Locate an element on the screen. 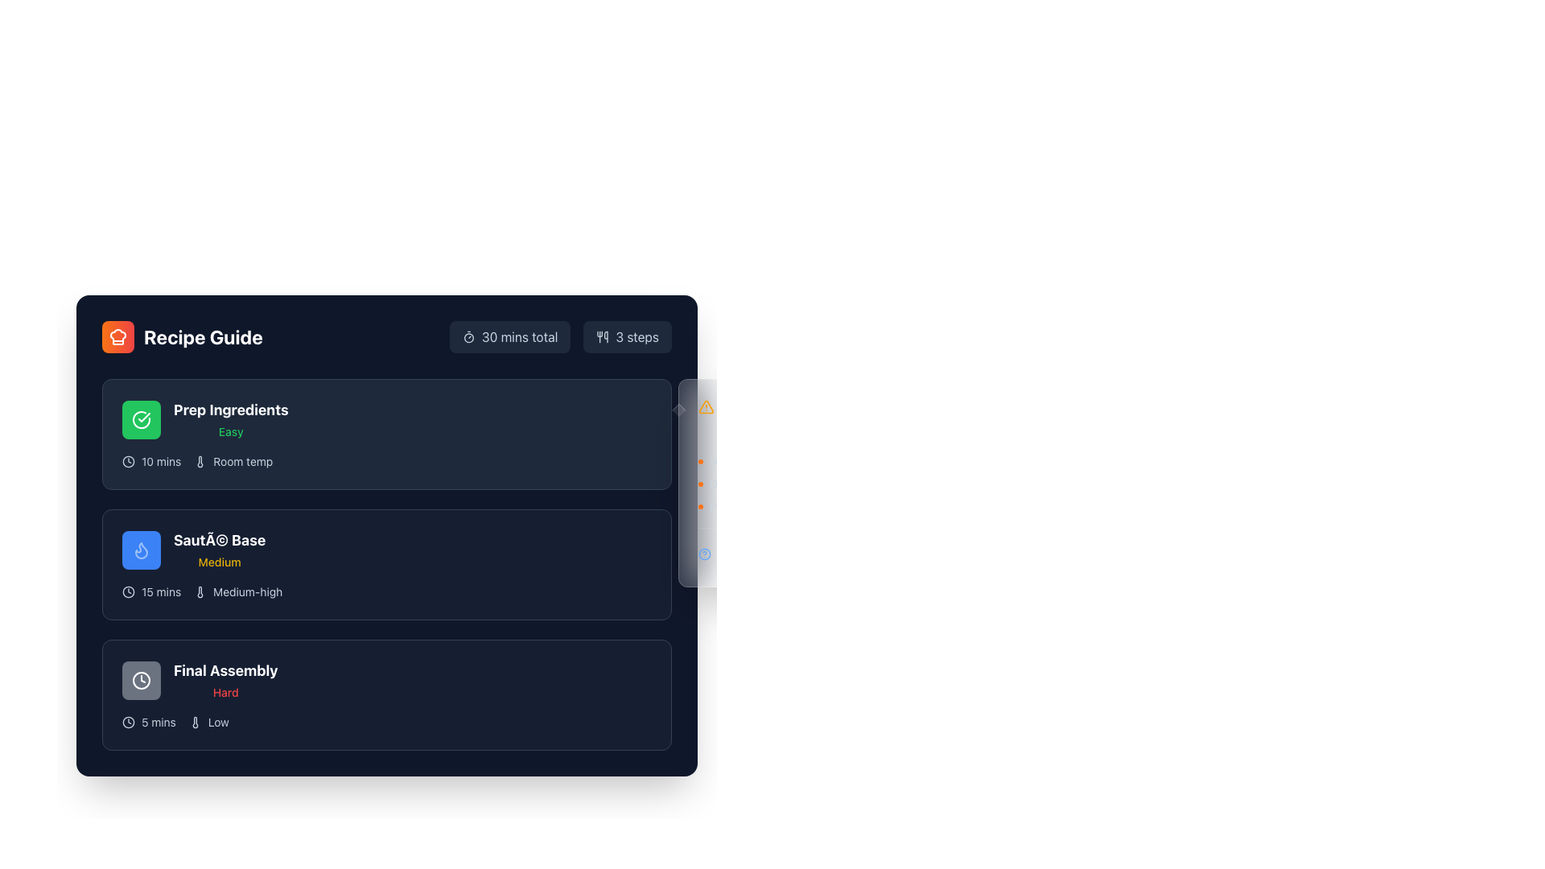 Image resolution: width=1545 pixels, height=869 pixels. the circular icon filled with a border within the SVG timer icon, located near the top-right corner of the layout, above the recipe steps is located at coordinates (468, 337).